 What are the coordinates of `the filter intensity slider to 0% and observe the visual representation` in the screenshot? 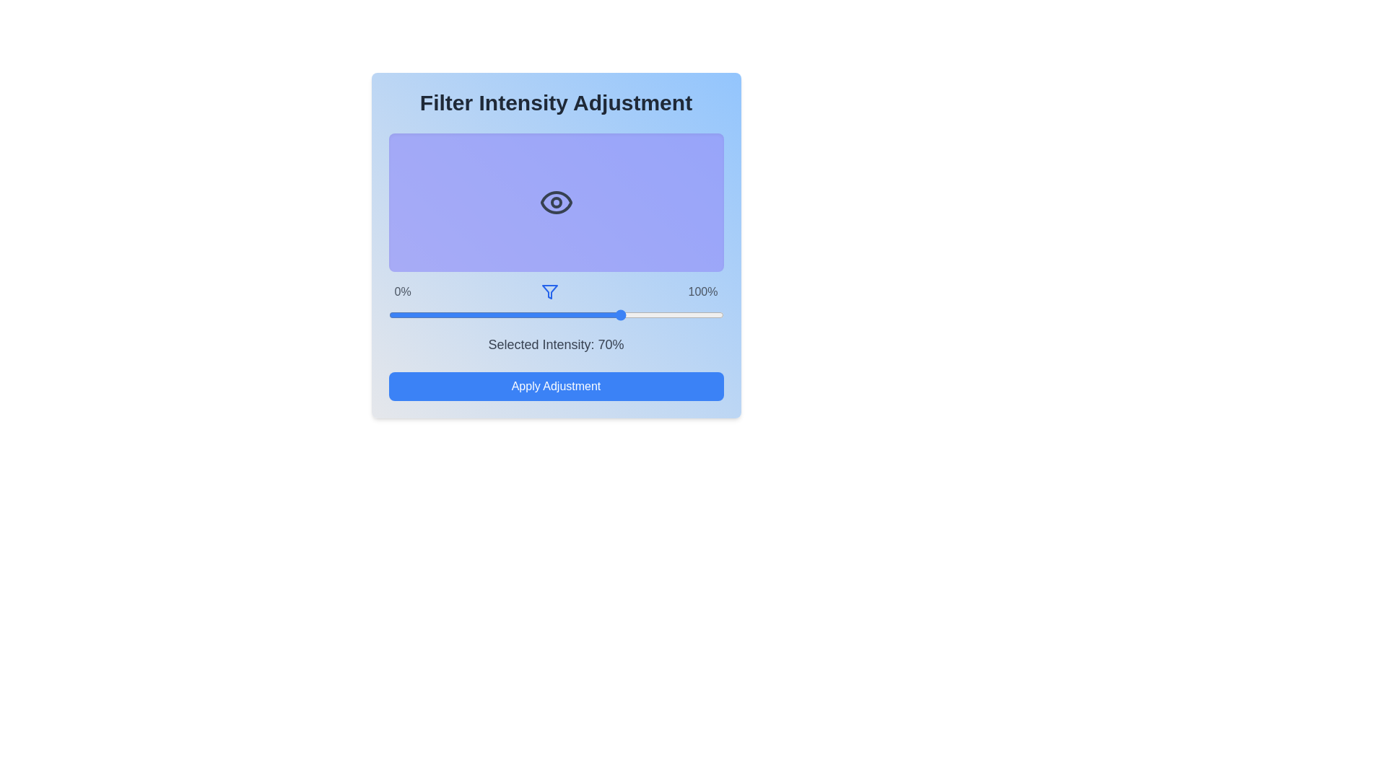 It's located at (388, 314).